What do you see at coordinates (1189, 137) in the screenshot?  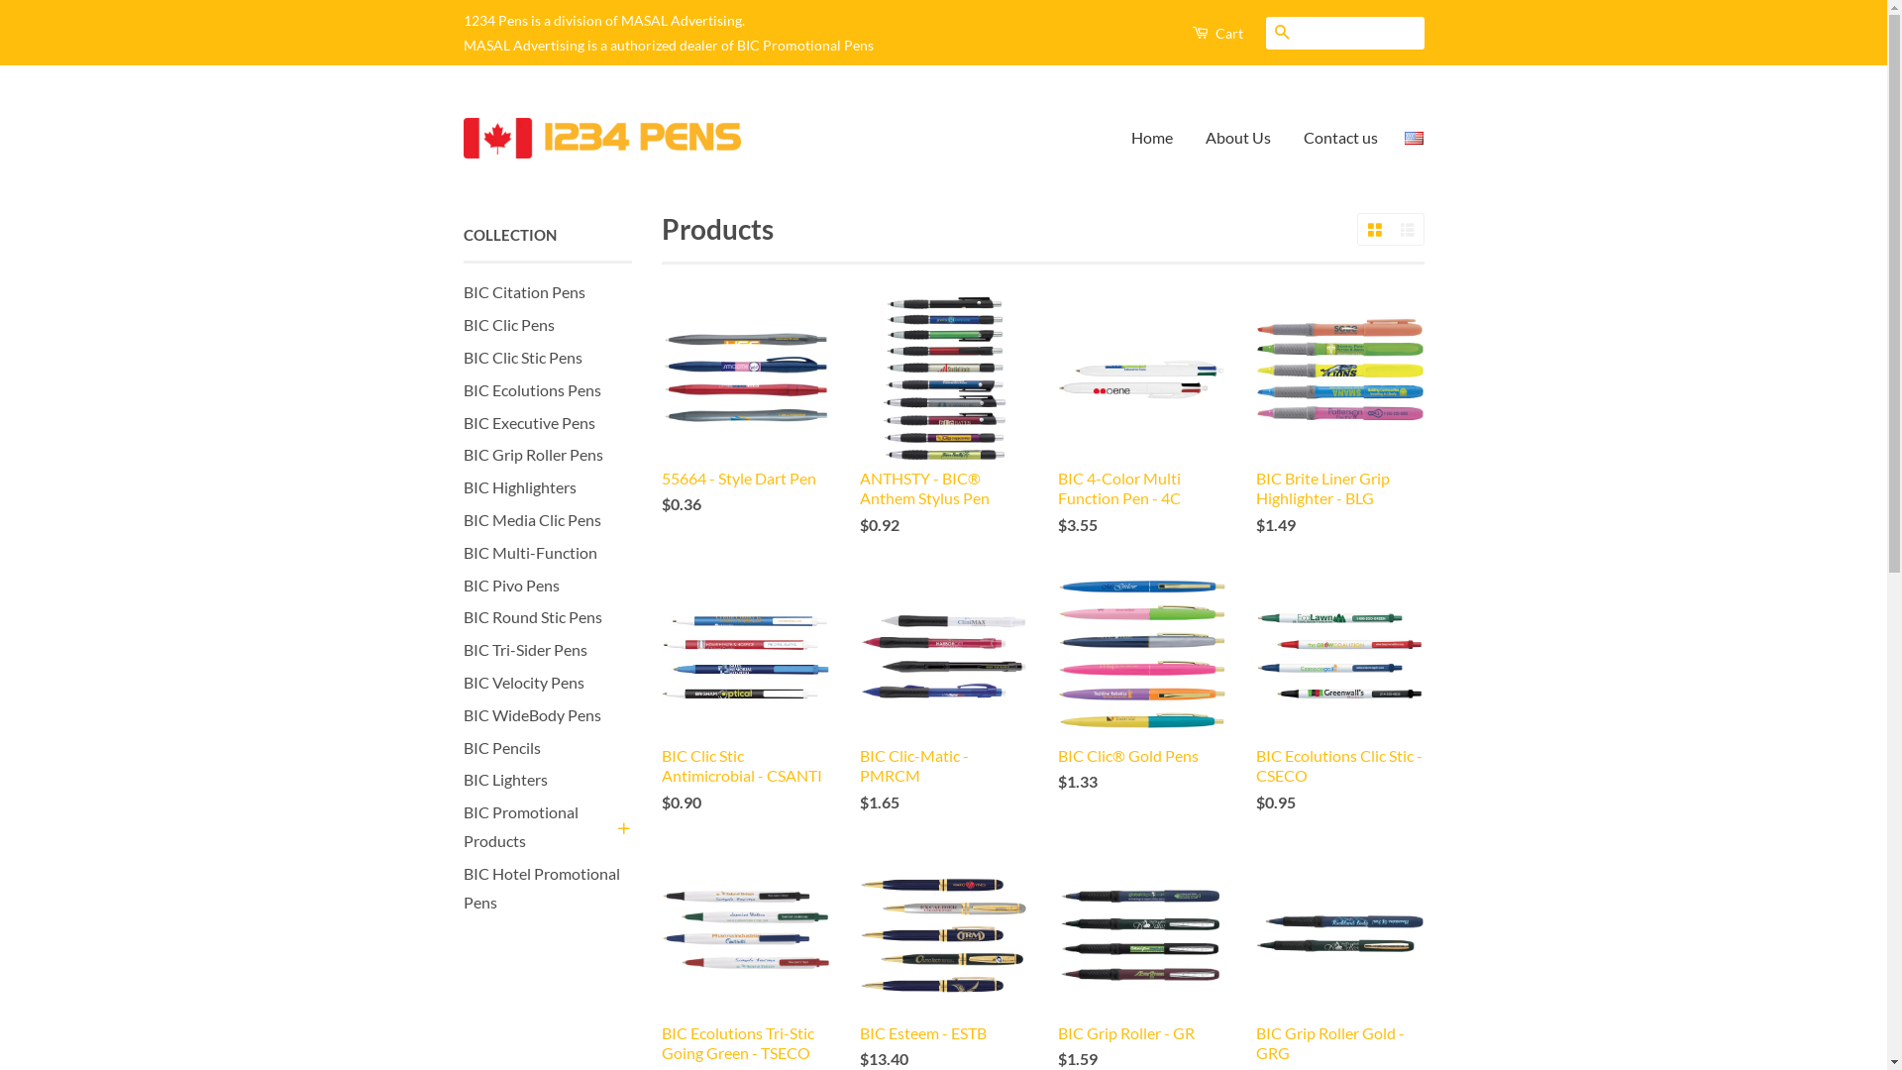 I see `'About Us'` at bounding box center [1189, 137].